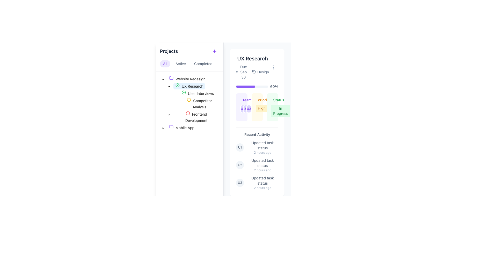 This screenshot has height=280, width=497. Describe the element at coordinates (169, 115) in the screenshot. I see `the small downward-pointing caret icon in the left sidebar, which indicates the collapsible 'UX Research' section under the 'Website Redesign' project` at that location.